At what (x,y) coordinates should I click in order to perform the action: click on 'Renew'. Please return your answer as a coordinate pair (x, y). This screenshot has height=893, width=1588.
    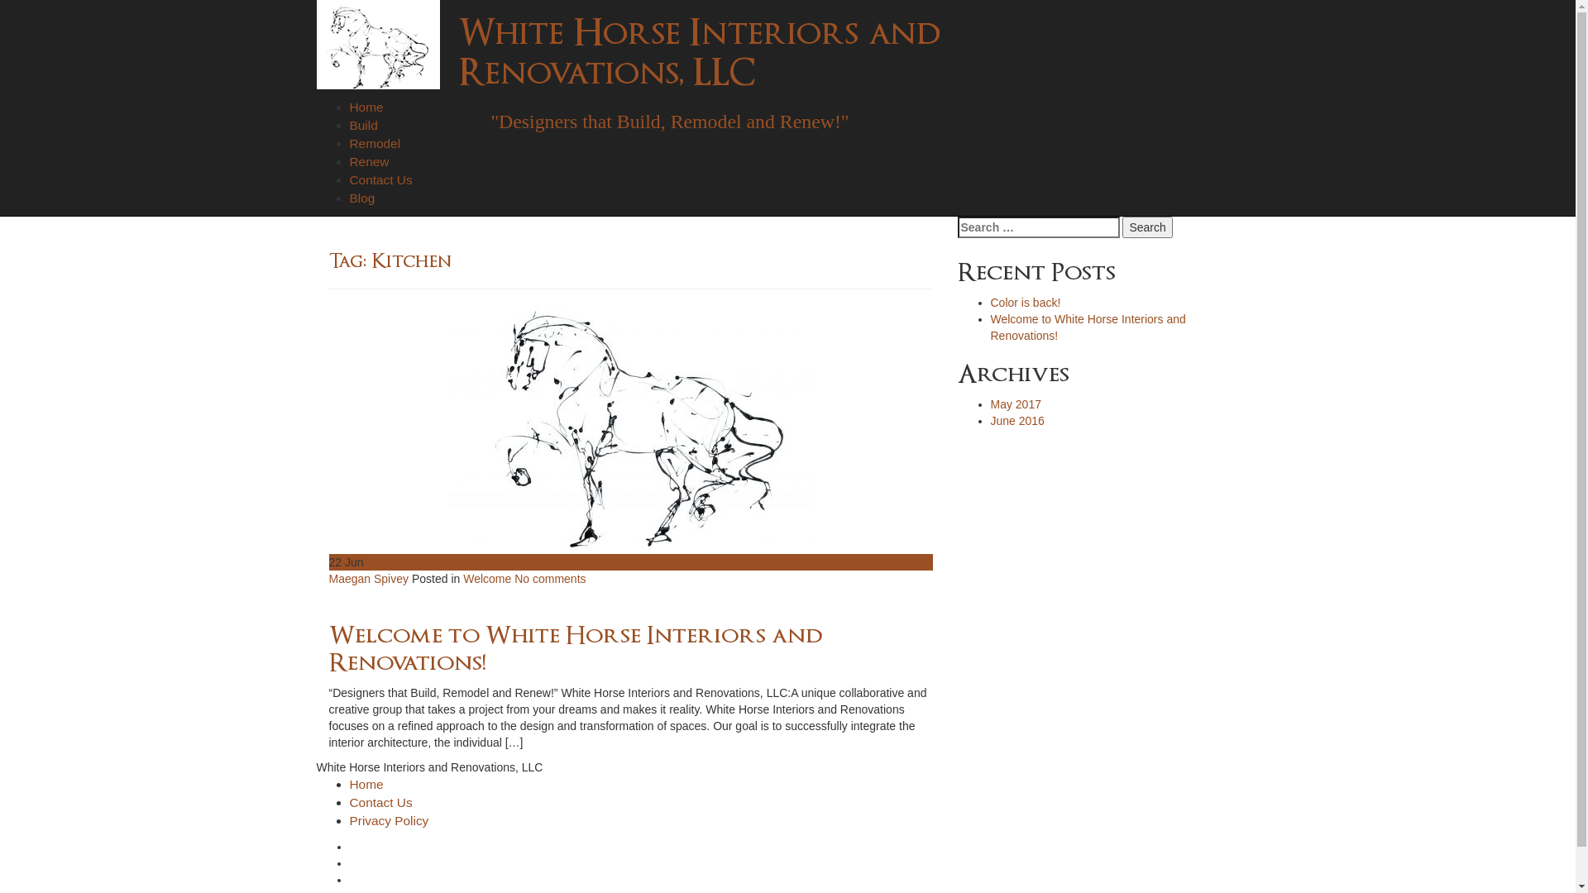
    Looking at the image, I should click on (368, 161).